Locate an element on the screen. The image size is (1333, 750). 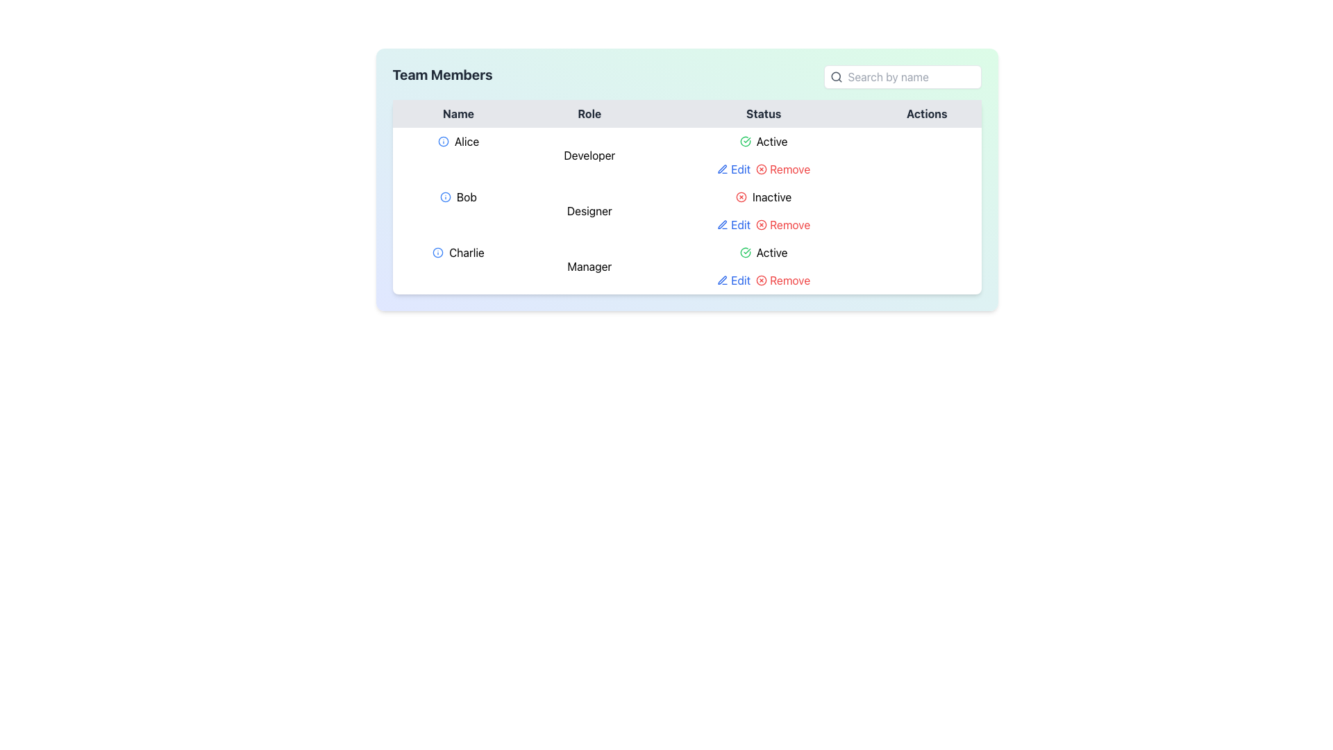
the static text 'Alice' displayed in the 'Name' column of the 'Team Members' table, which is the first entry in that column and features a blue circular icon with an information symbol is located at coordinates (458, 142).